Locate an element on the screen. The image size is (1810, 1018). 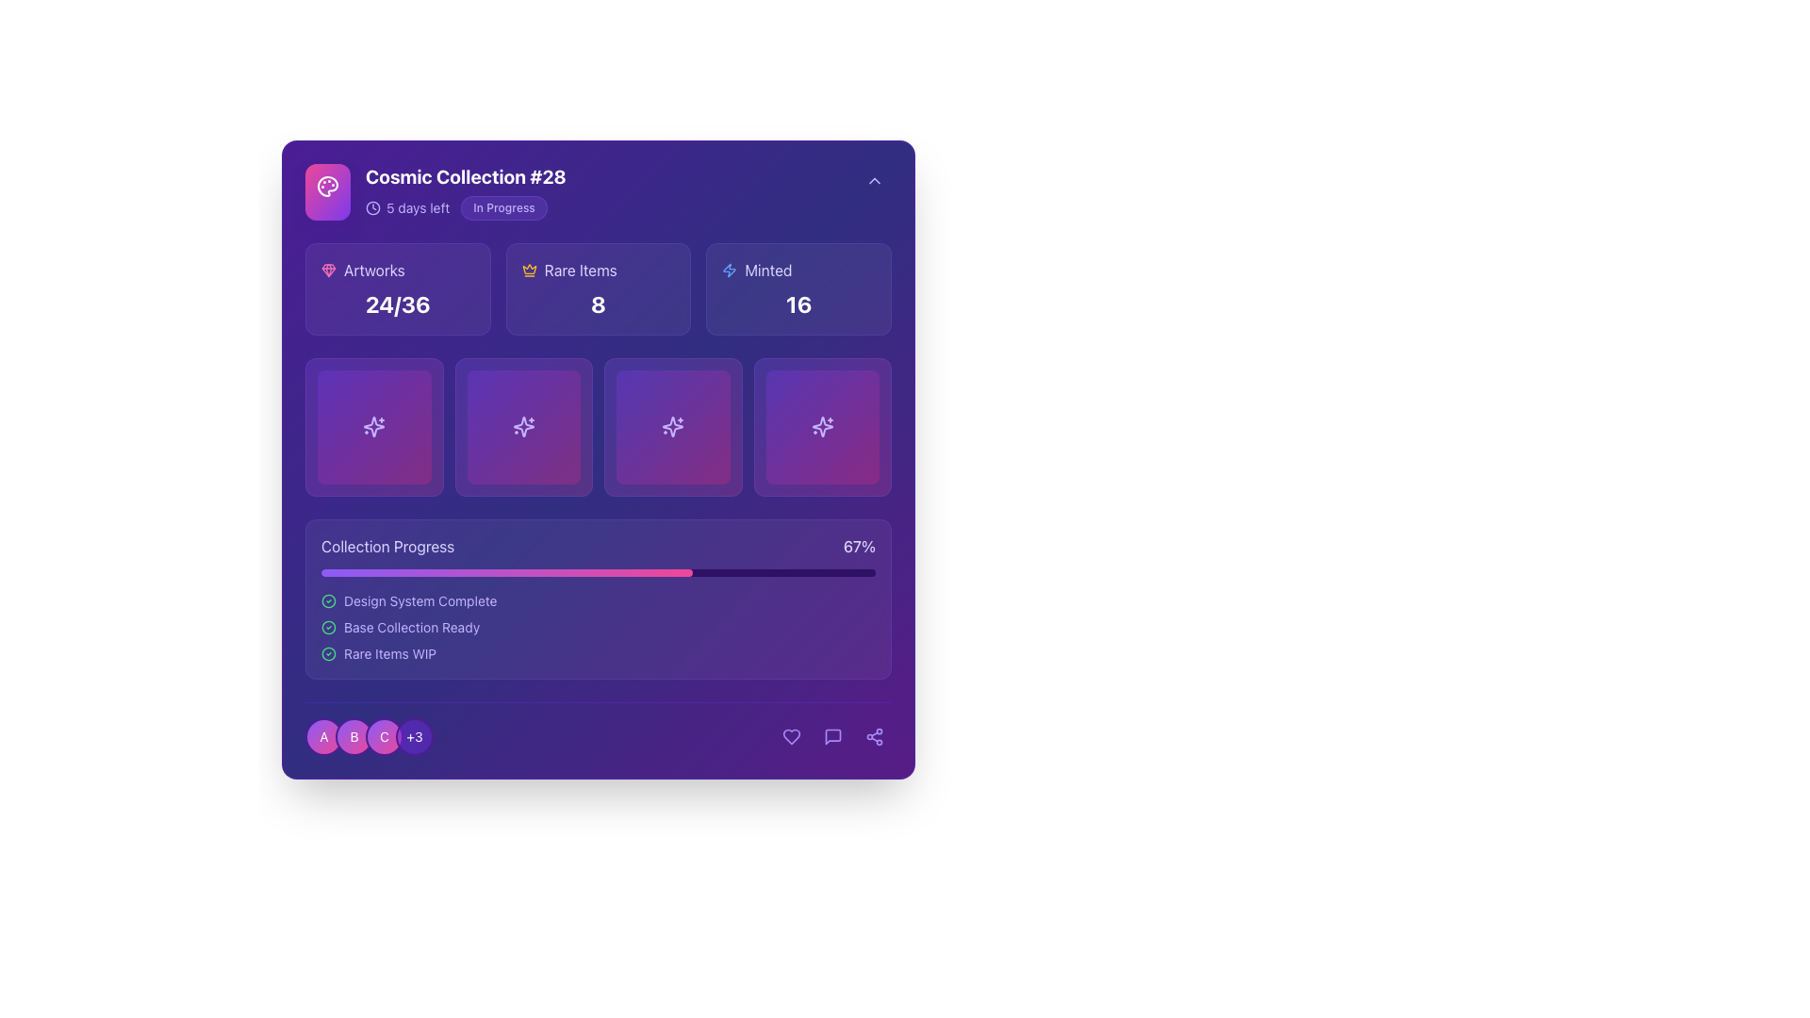
the 'Artworks' text label, which is violet-colored and styled with a lightweight font, located alongside a pink gem icon, to interact with related elements is located at coordinates (374, 270).